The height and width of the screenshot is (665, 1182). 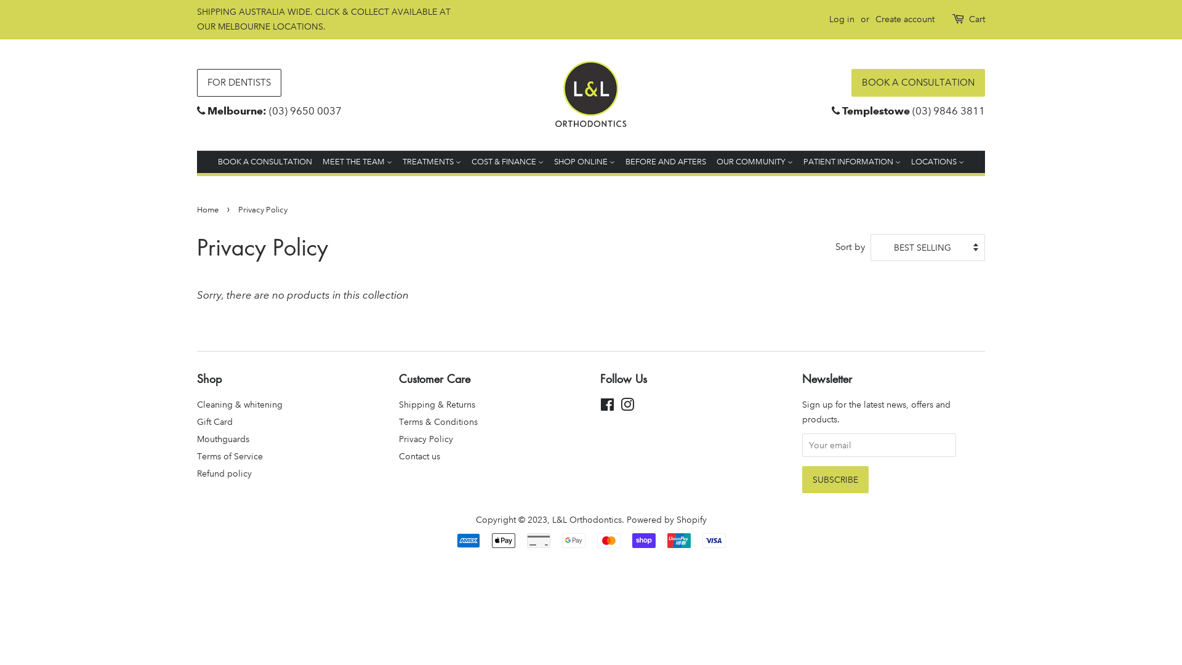 What do you see at coordinates (224, 472) in the screenshot?
I see `'Refund policy'` at bounding box center [224, 472].